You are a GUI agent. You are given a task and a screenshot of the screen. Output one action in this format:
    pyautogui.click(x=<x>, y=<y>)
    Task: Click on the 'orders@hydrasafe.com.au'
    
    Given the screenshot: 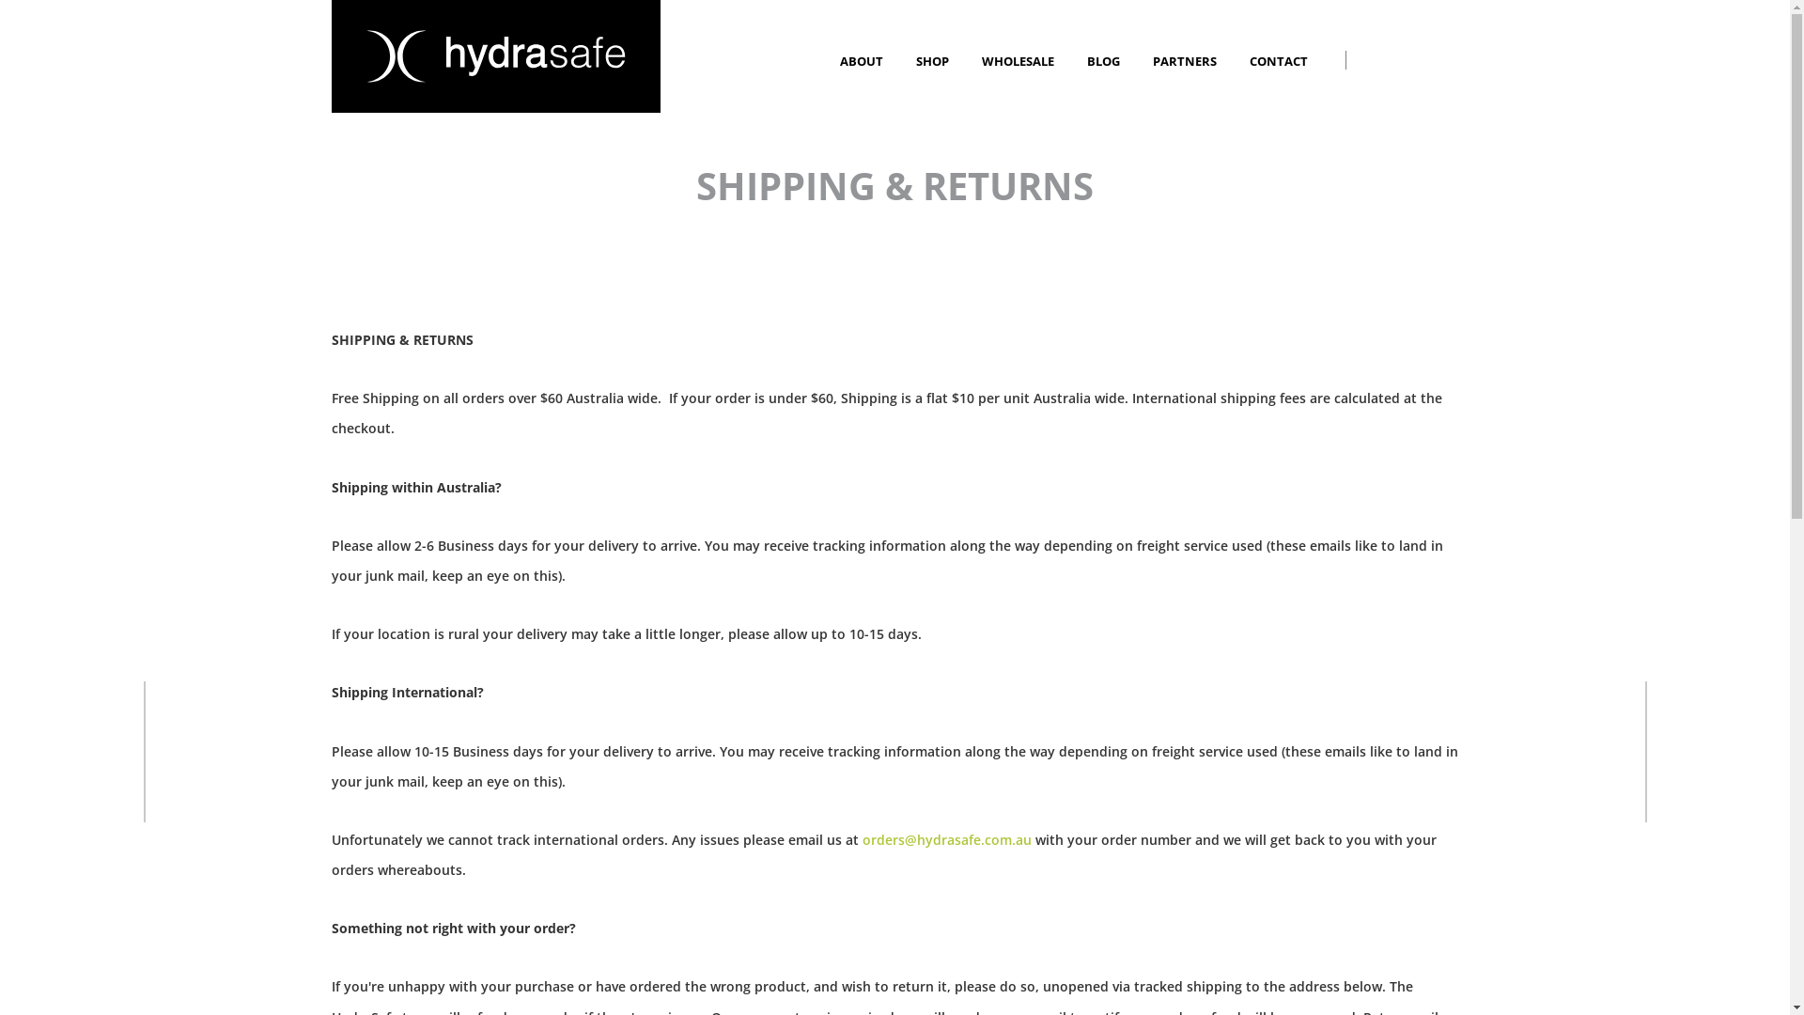 What is the action you would take?
    pyautogui.click(x=947, y=838)
    